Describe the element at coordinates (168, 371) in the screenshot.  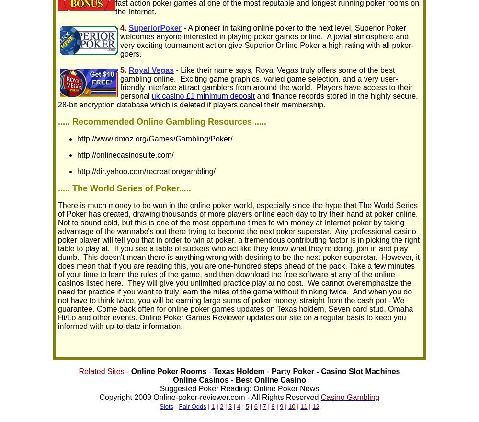
I see `'Online Poker Rooms'` at that location.